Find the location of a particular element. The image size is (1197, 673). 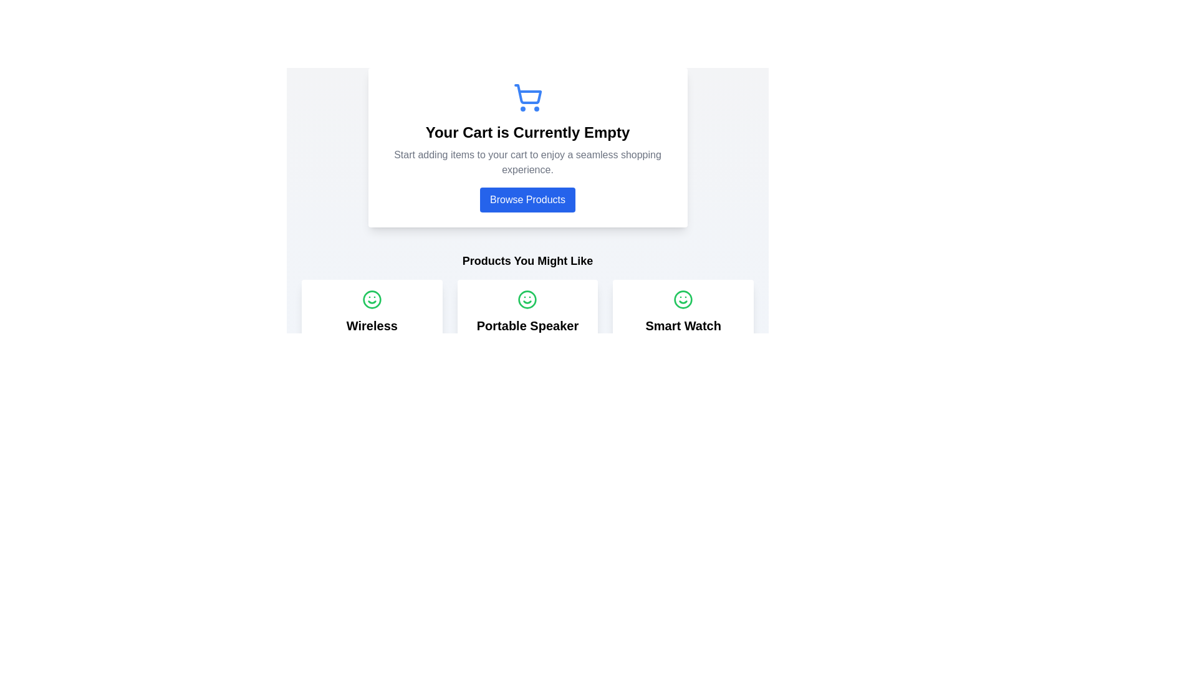

the Text Label displaying 'Smart Watch' in bold, extra-large font located in the center of the card below the icon and above the price information is located at coordinates (683, 325).